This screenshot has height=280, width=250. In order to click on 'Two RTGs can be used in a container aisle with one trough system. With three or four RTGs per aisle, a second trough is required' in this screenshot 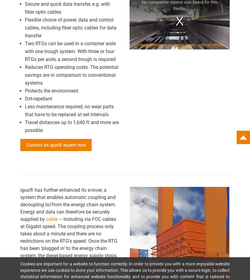, I will do `click(24, 51)`.